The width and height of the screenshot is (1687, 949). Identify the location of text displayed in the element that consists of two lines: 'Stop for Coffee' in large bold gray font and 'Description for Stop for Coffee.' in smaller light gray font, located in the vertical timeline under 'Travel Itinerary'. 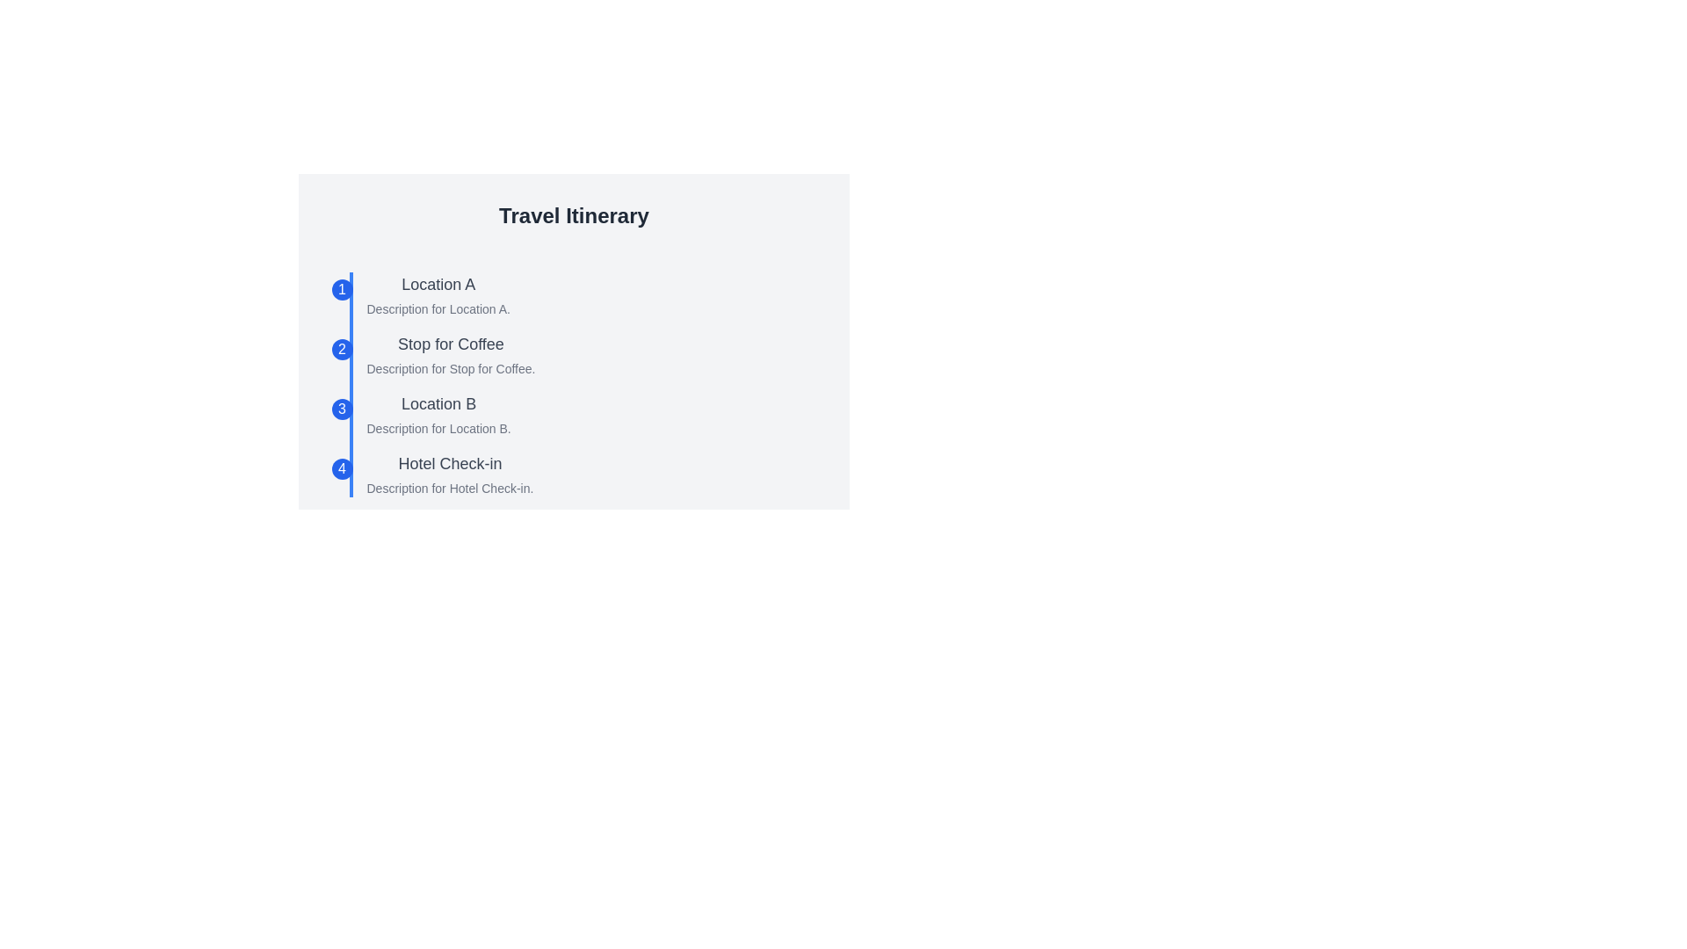
(451, 355).